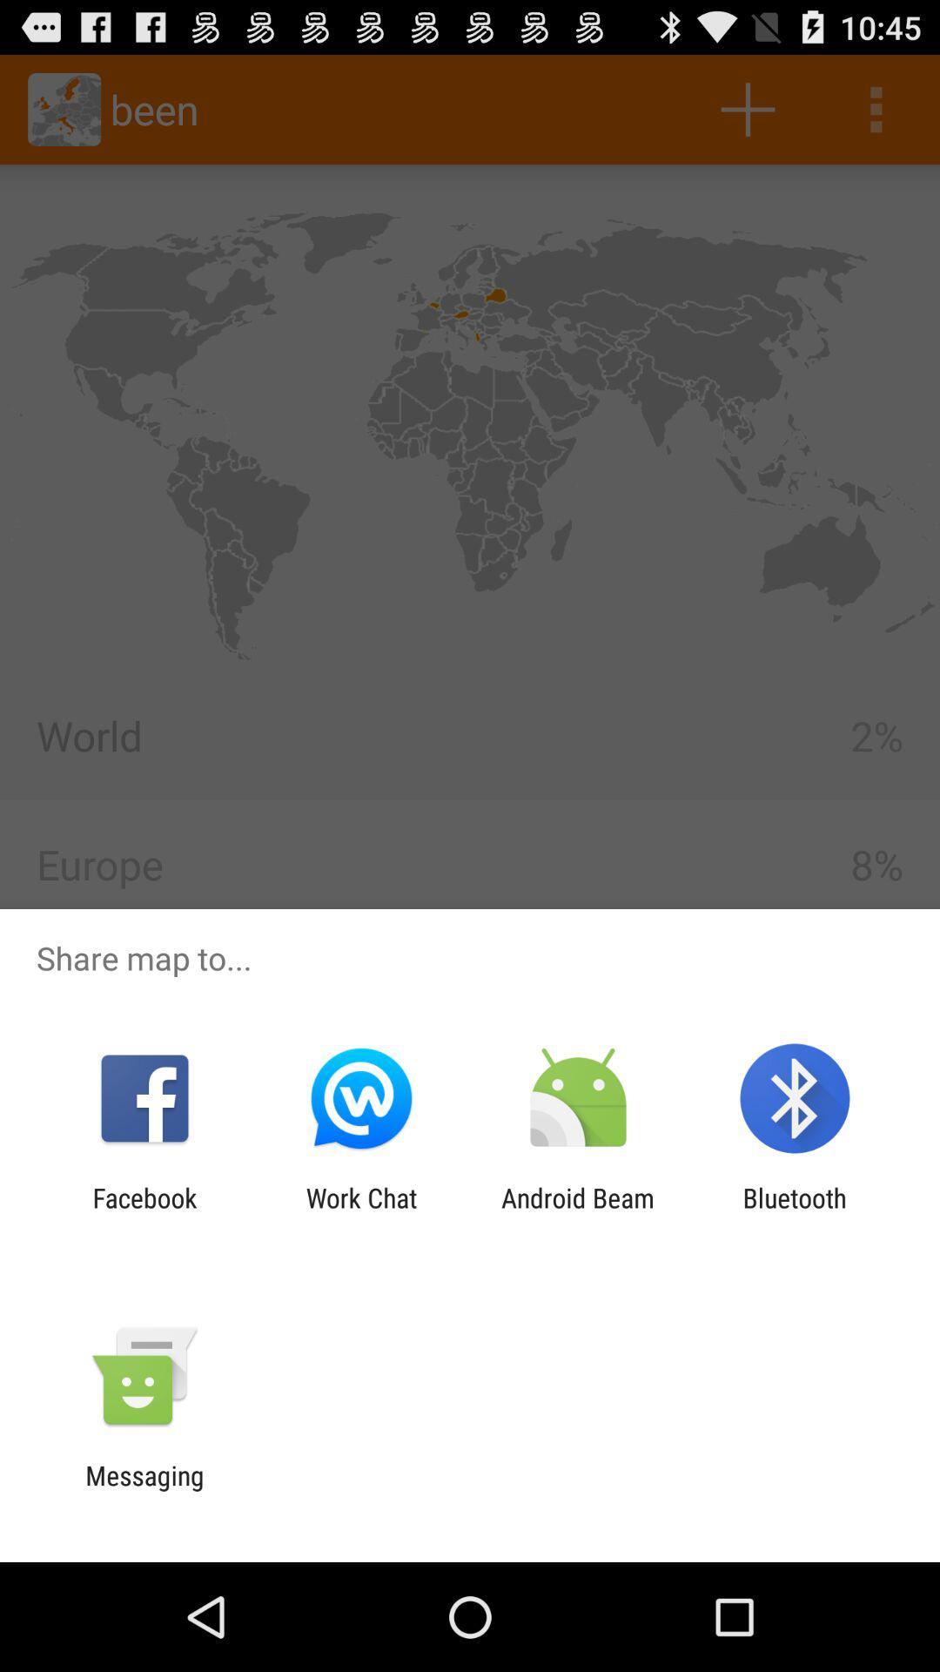  I want to click on app next to android beam item, so click(360, 1212).